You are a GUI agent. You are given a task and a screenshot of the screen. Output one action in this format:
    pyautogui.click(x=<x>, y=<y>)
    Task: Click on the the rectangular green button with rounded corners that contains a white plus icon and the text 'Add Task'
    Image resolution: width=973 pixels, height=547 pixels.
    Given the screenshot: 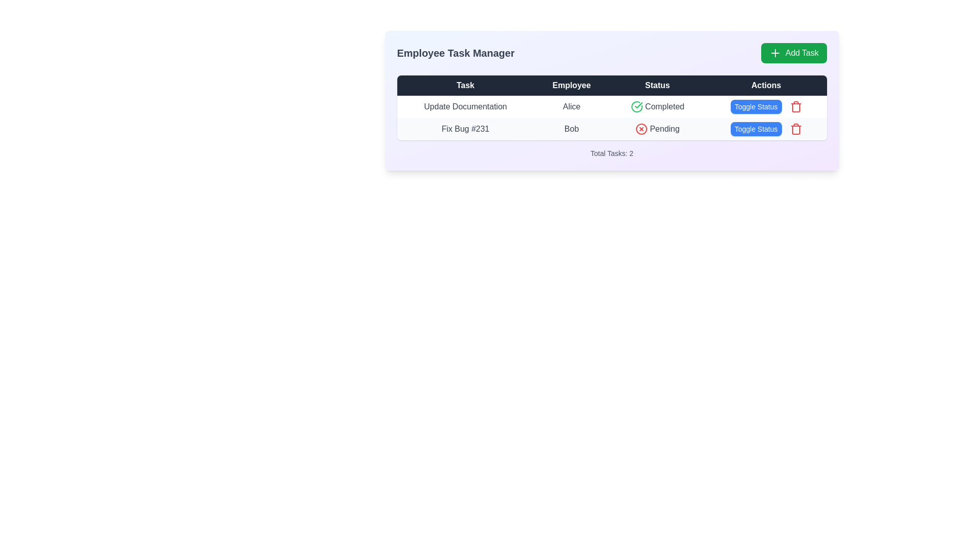 What is the action you would take?
    pyautogui.click(x=793, y=53)
    